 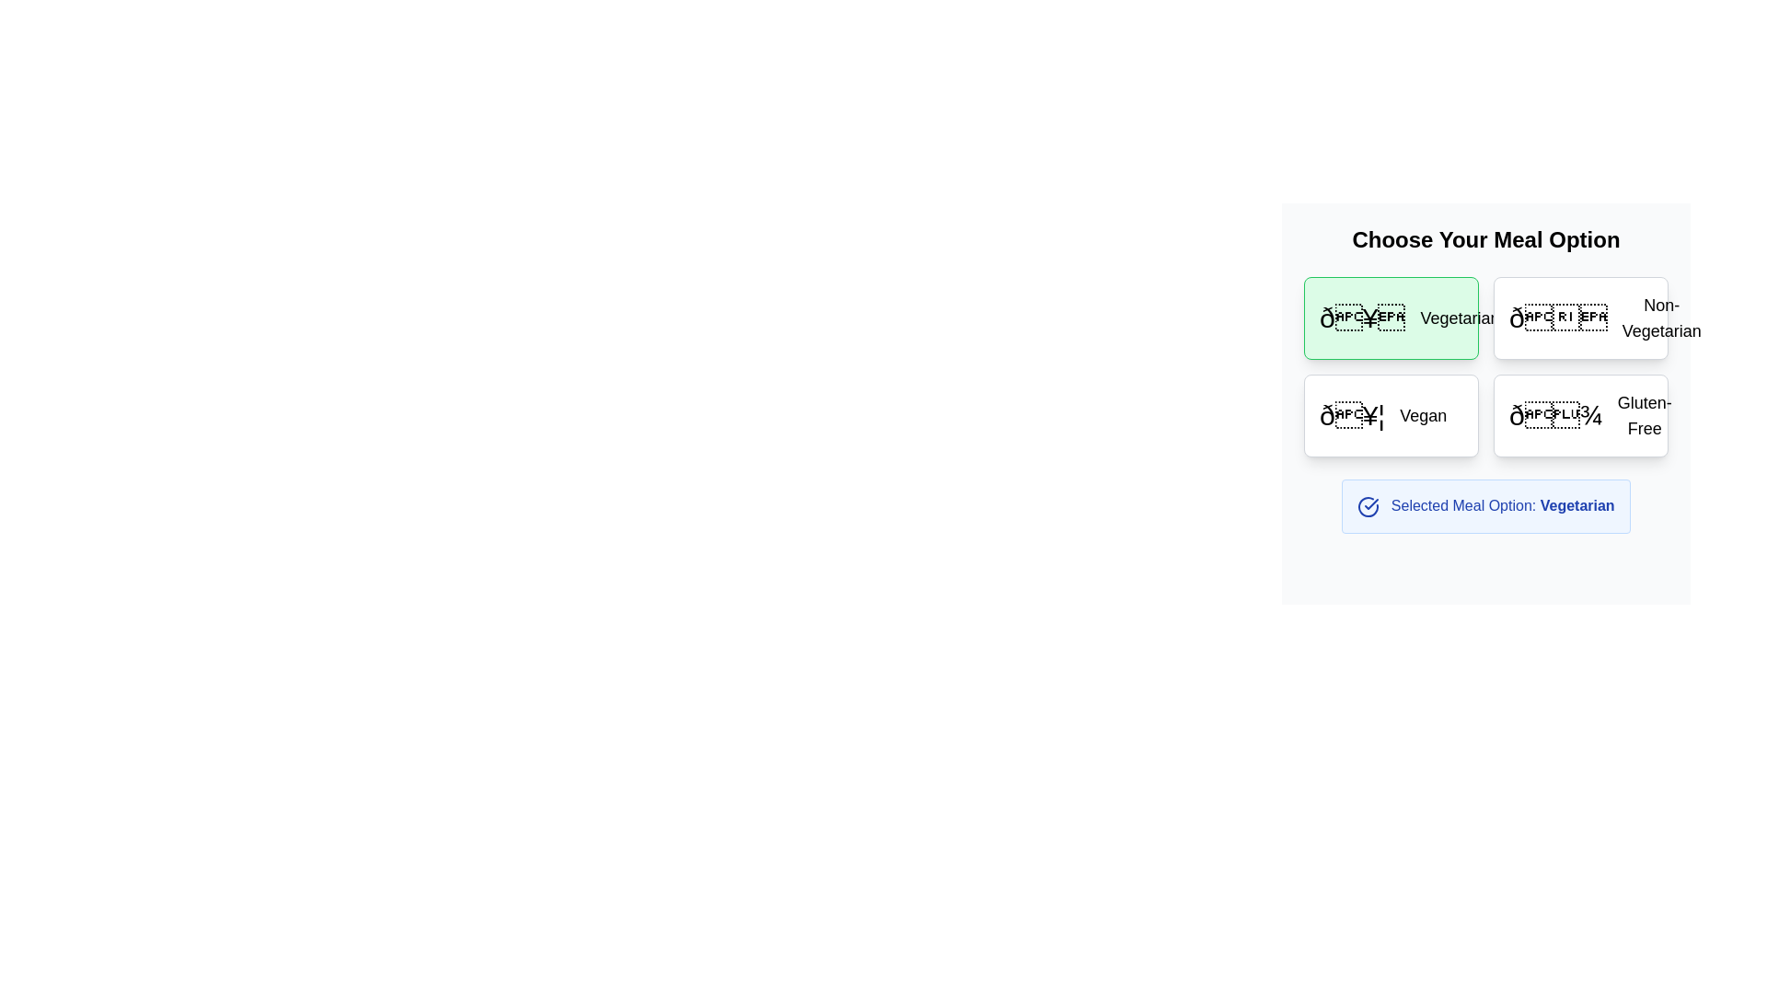 I want to click on the bold, decorative icon positioned to the left of the text 'Vegetarian' in the meal options grid, so click(x=1362, y=318).